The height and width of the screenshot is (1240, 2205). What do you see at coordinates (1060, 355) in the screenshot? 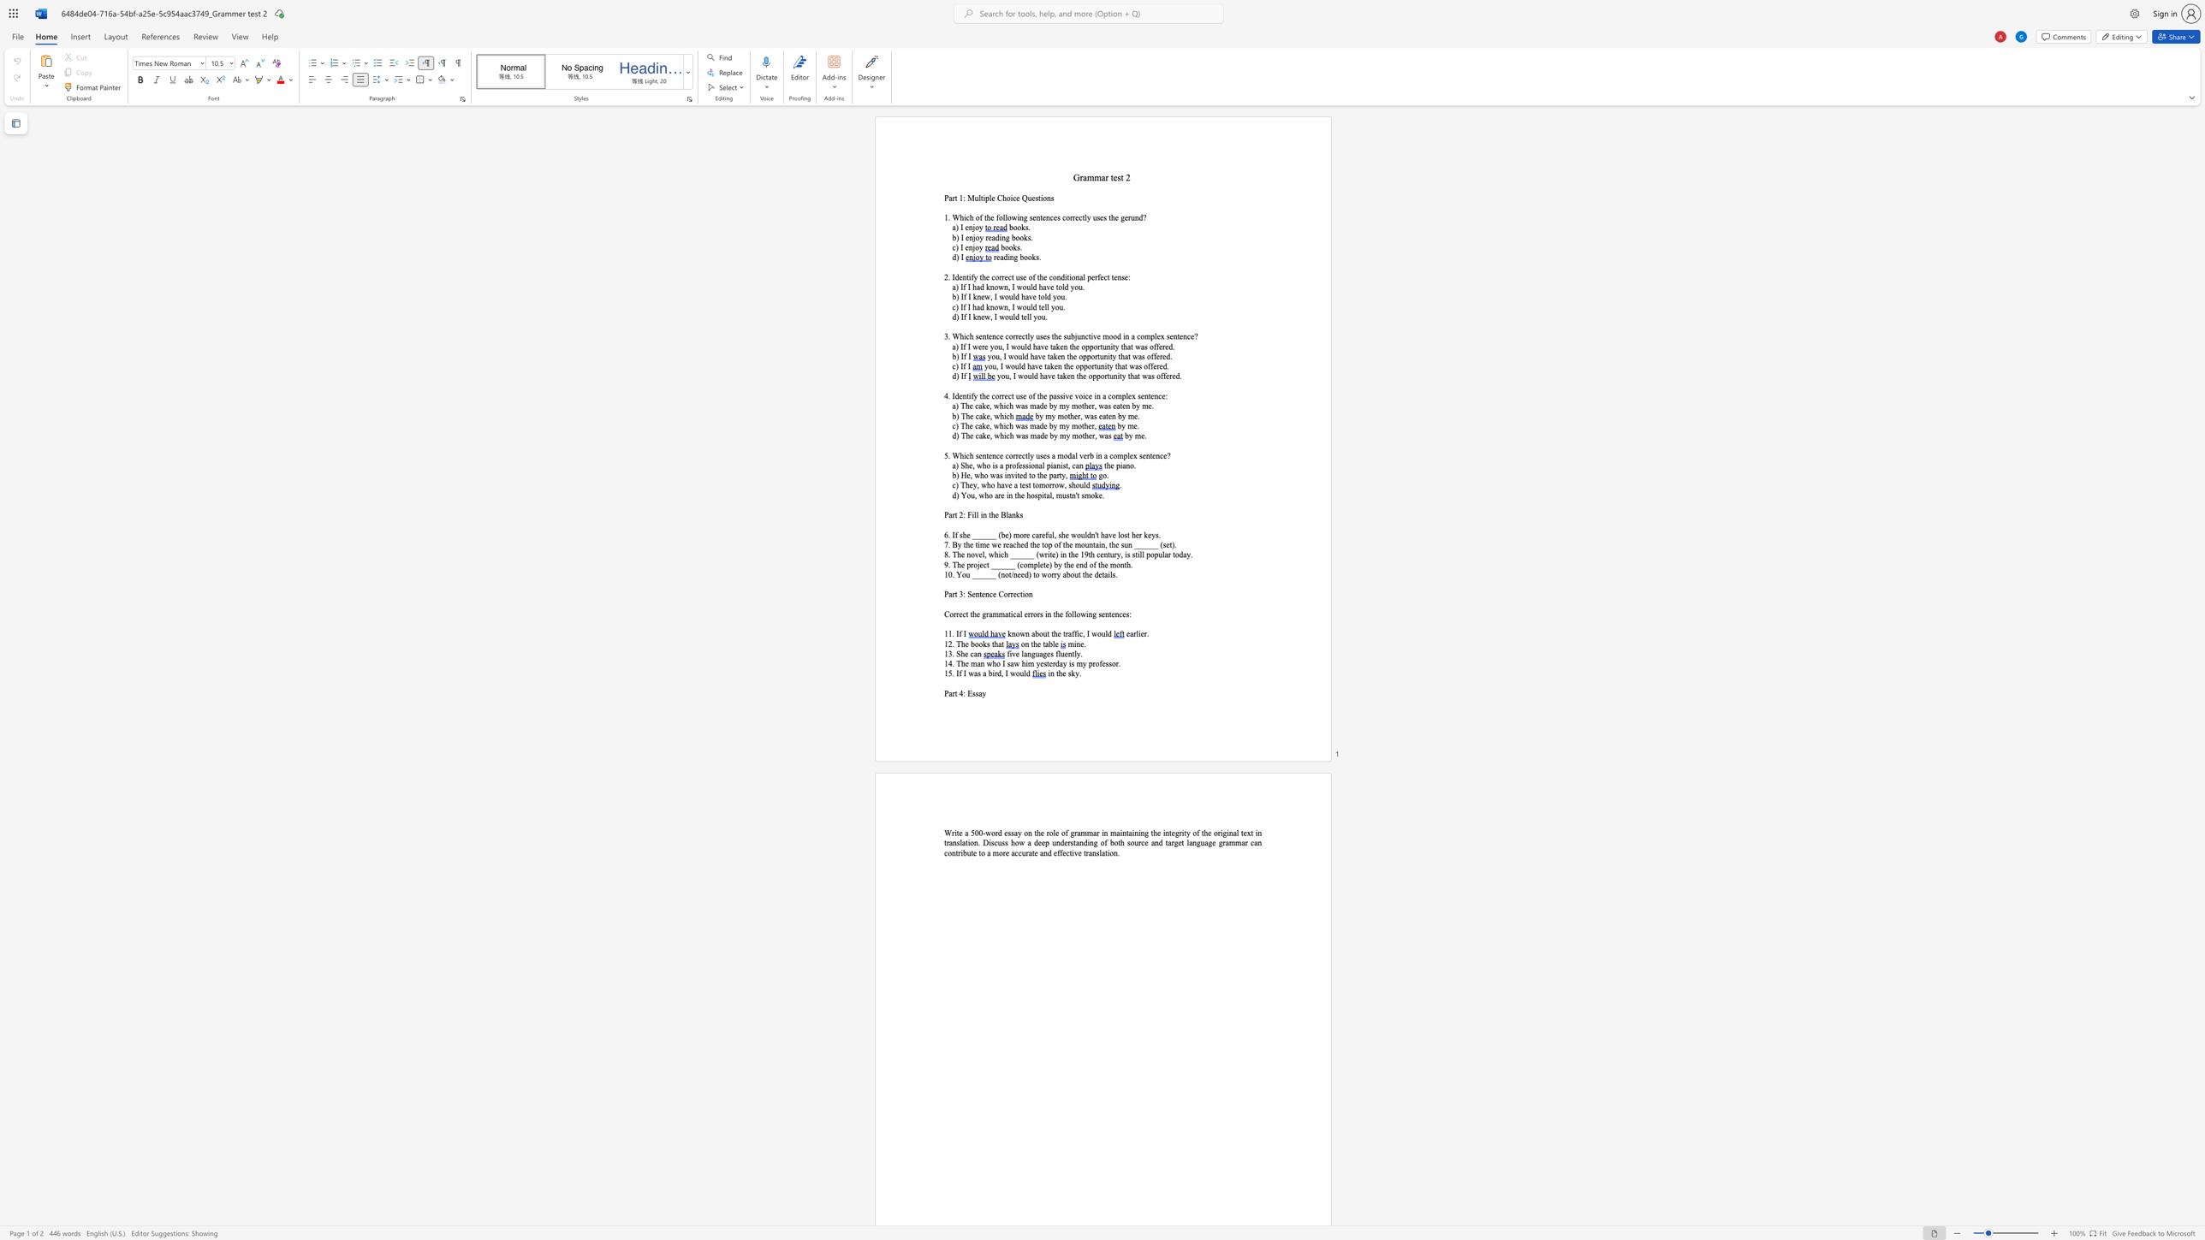
I see `the space between the continuous character "e" and "n" in the text` at bounding box center [1060, 355].